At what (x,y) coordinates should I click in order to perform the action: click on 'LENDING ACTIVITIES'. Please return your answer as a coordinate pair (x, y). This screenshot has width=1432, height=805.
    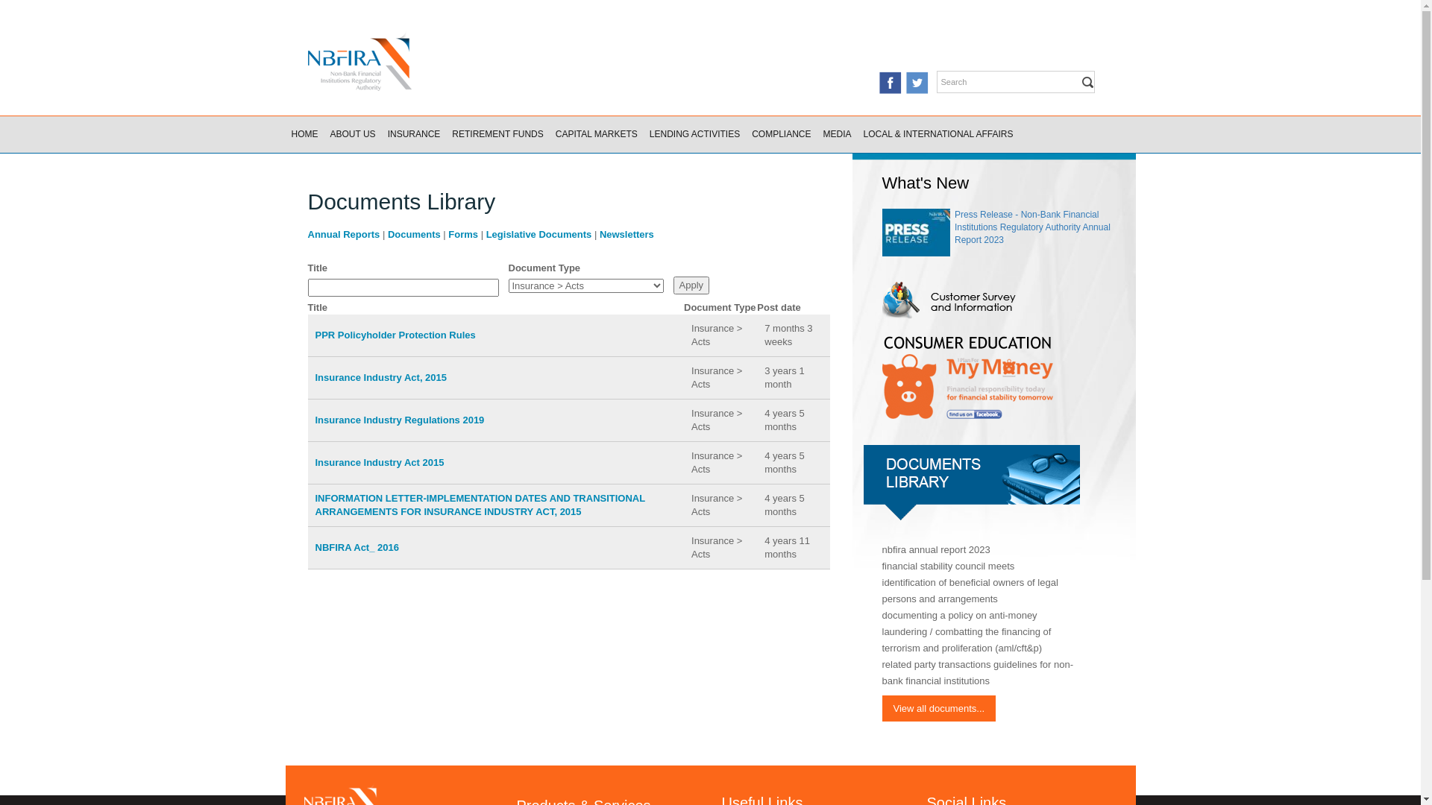
    Looking at the image, I should click on (694, 134).